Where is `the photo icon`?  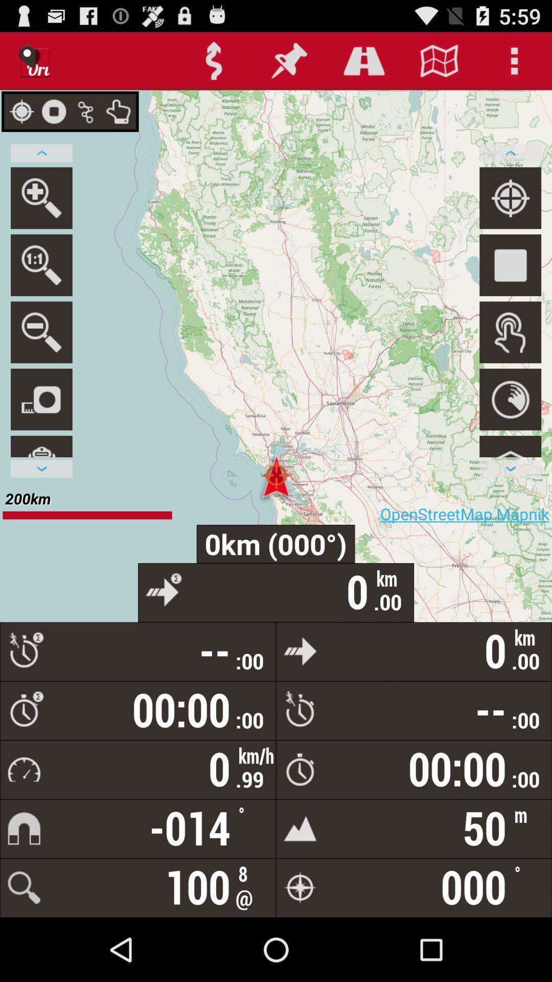 the photo icon is located at coordinates (41, 427).